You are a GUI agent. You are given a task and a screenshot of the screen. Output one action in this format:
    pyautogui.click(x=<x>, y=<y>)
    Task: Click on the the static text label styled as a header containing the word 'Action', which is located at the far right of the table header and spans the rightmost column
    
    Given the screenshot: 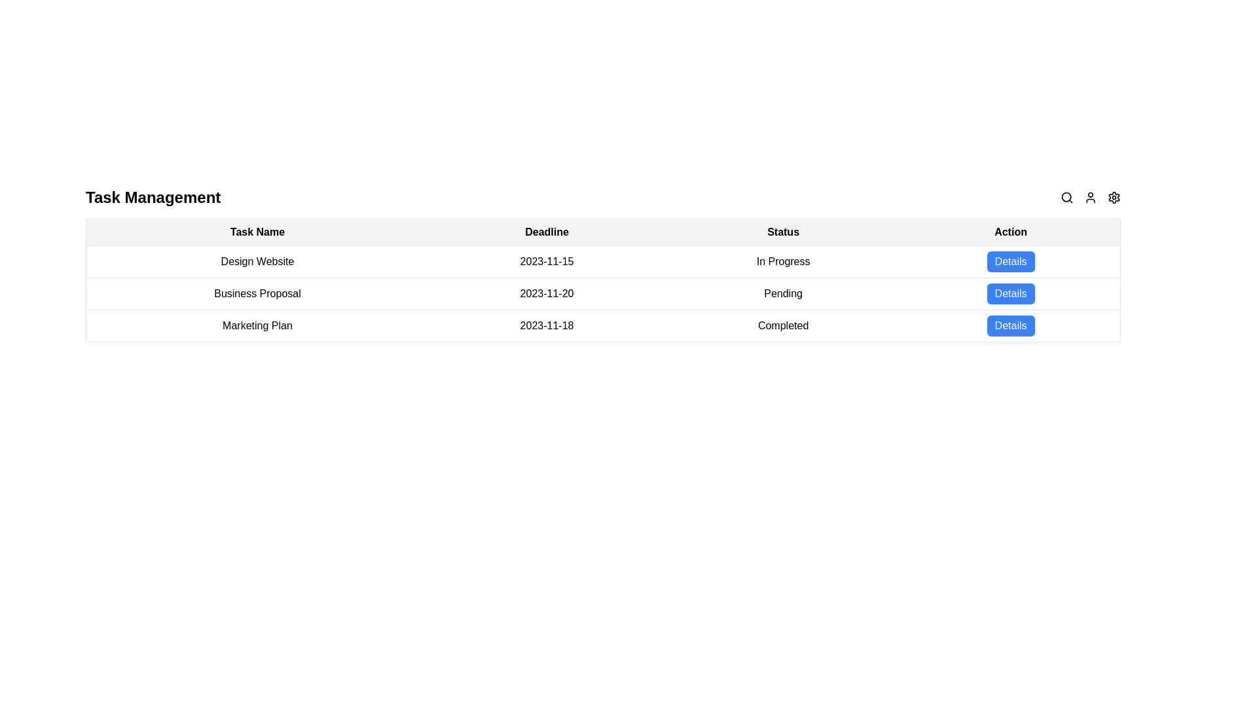 What is the action you would take?
    pyautogui.click(x=1010, y=231)
    